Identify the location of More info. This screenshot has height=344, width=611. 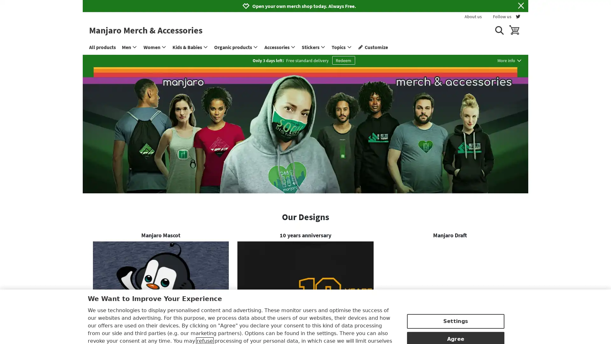
(509, 60).